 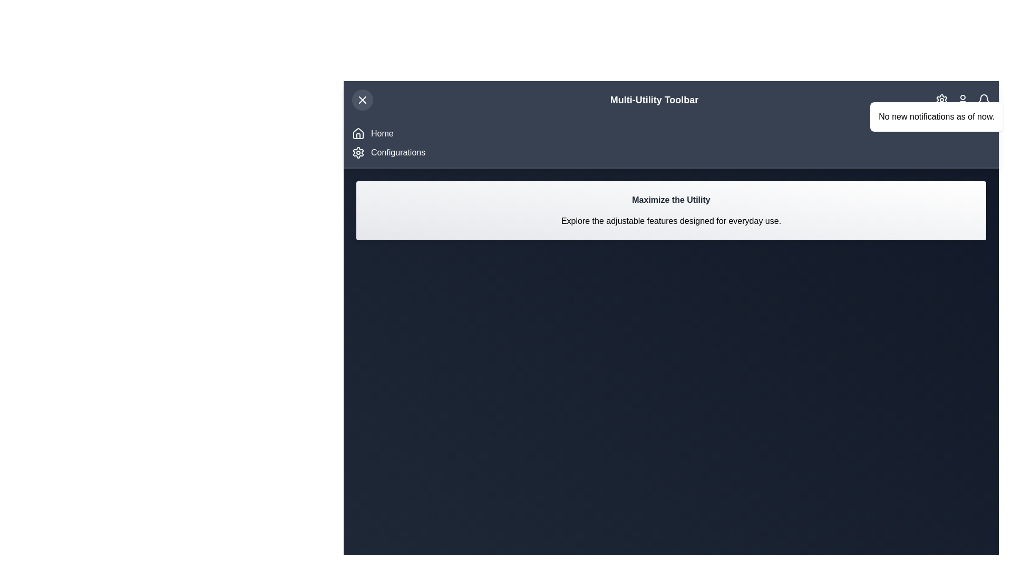 What do you see at coordinates (941, 100) in the screenshot?
I see `the settings_icon to observe visual feedback` at bounding box center [941, 100].